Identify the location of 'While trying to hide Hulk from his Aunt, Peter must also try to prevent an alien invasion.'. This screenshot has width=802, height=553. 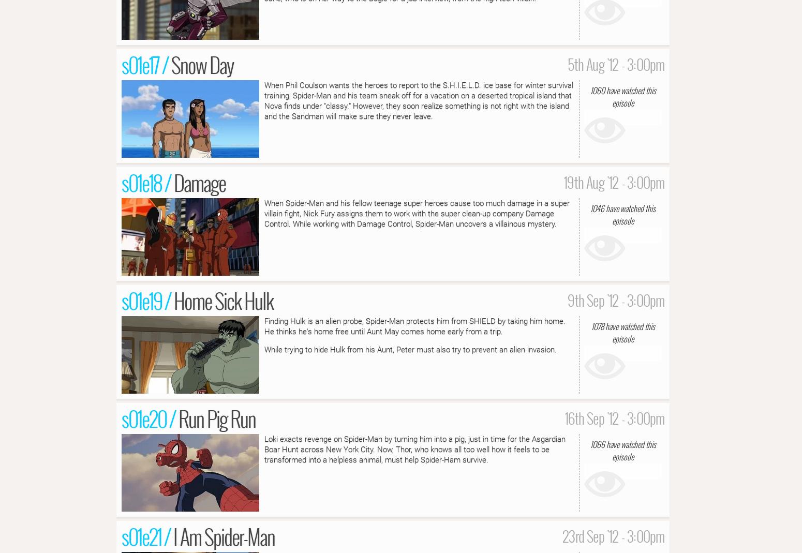
(410, 348).